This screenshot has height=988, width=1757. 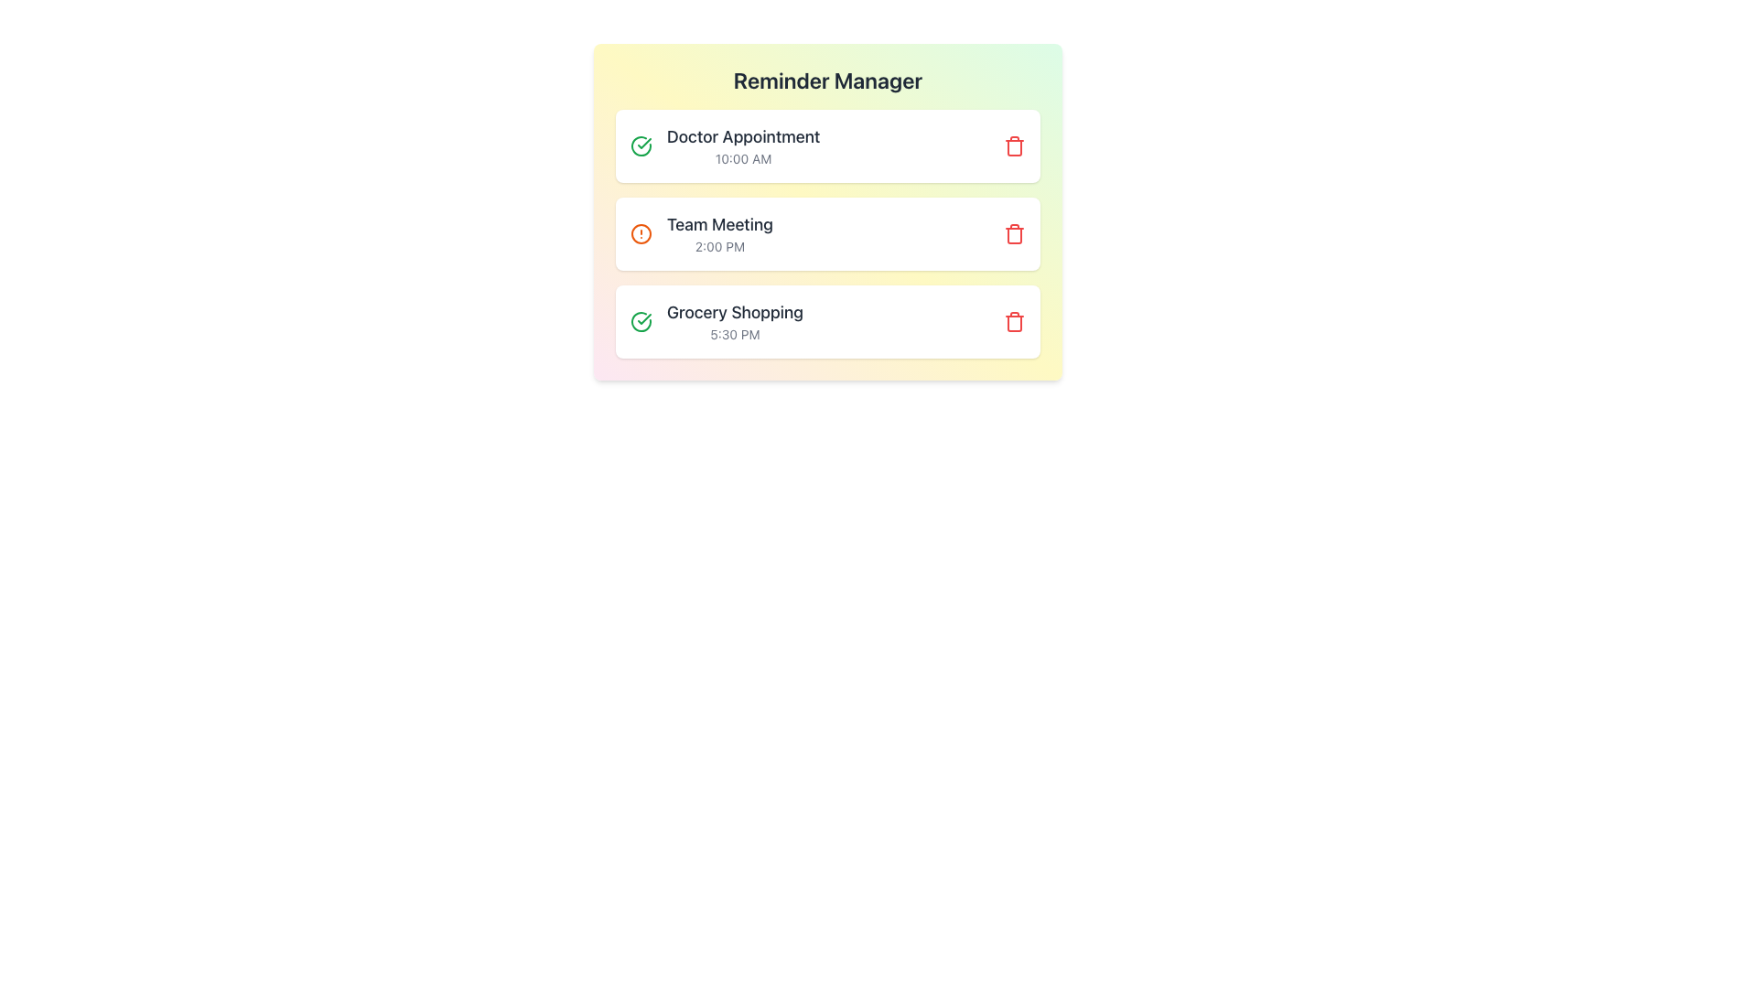 What do you see at coordinates (827, 320) in the screenshot?
I see `the reminder list item for 'Grocery Shopping'` at bounding box center [827, 320].